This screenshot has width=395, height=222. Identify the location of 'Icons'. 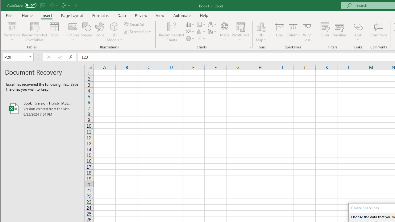
(100, 32).